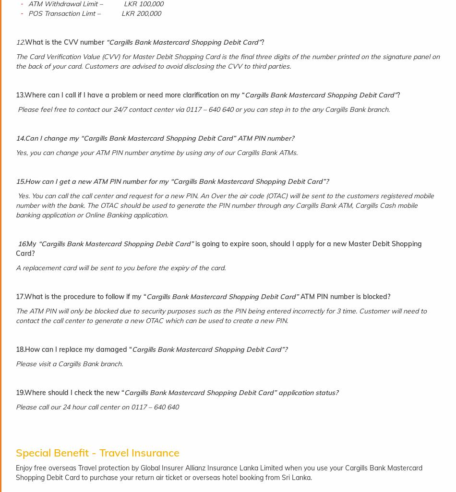 This screenshot has height=492, width=456. What do you see at coordinates (95, 13) in the screenshot?
I see `'POS Transaction Limt –           LKR 200,000'` at bounding box center [95, 13].